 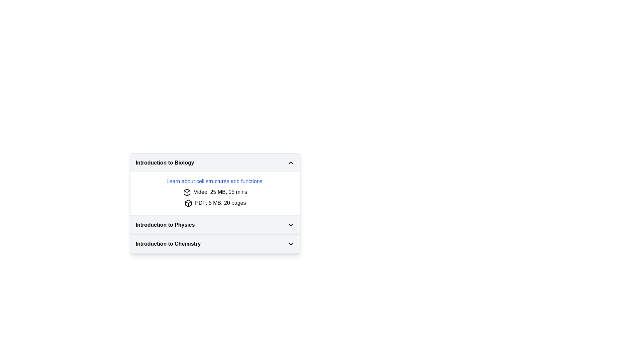 What do you see at coordinates (215, 224) in the screenshot?
I see `the middle Expandable List Item located between 'Introduction to Biology' and 'Introduction to Chemistry'` at bounding box center [215, 224].